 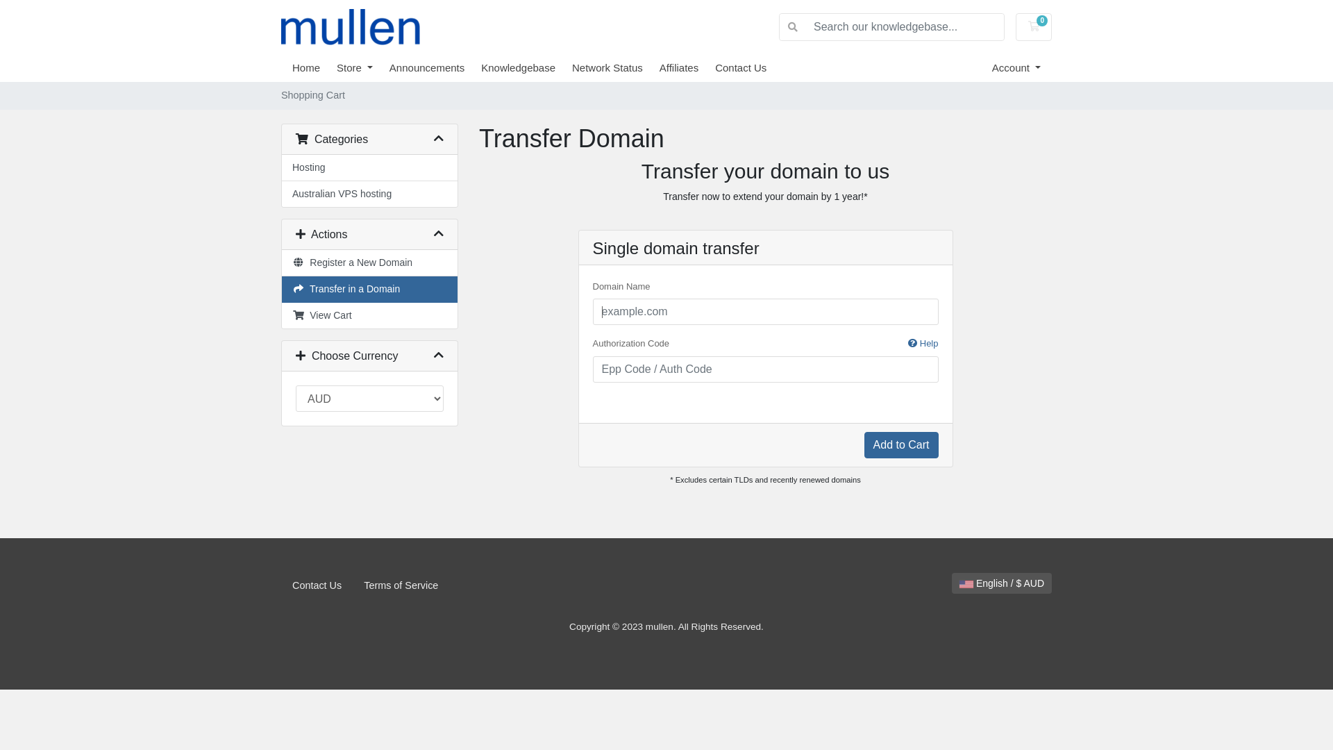 I want to click on 'Hosting', so click(x=369, y=167).